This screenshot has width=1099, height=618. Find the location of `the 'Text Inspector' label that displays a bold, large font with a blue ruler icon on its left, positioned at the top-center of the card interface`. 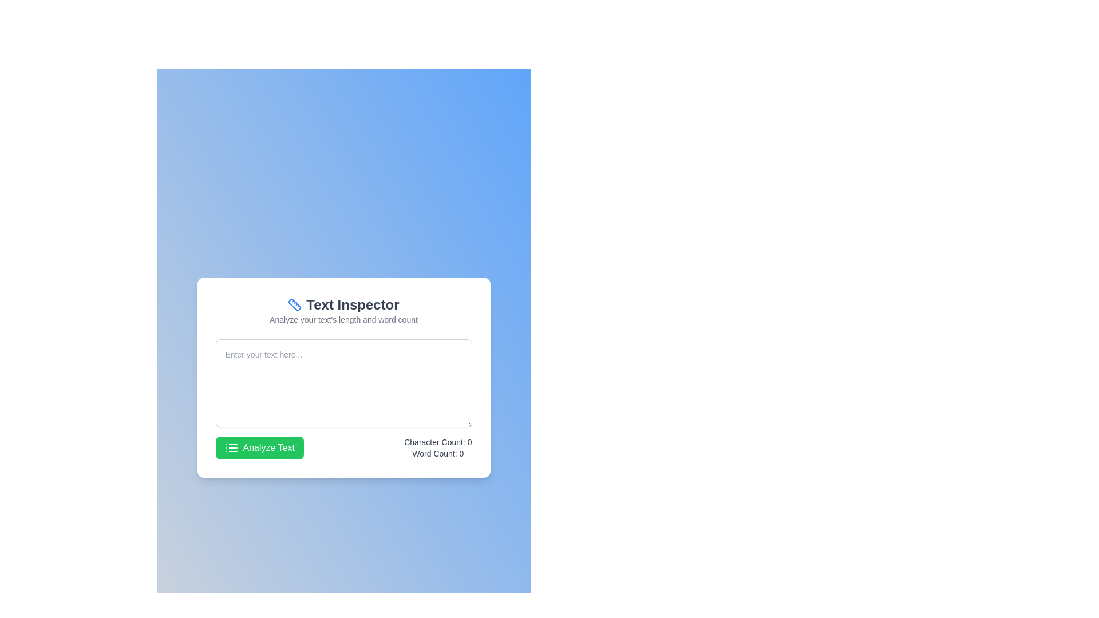

the 'Text Inspector' label that displays a bold, large font with a blue ruler icon on its left, positioned at the top-center of the card interface is located at coordinates (343, 304).